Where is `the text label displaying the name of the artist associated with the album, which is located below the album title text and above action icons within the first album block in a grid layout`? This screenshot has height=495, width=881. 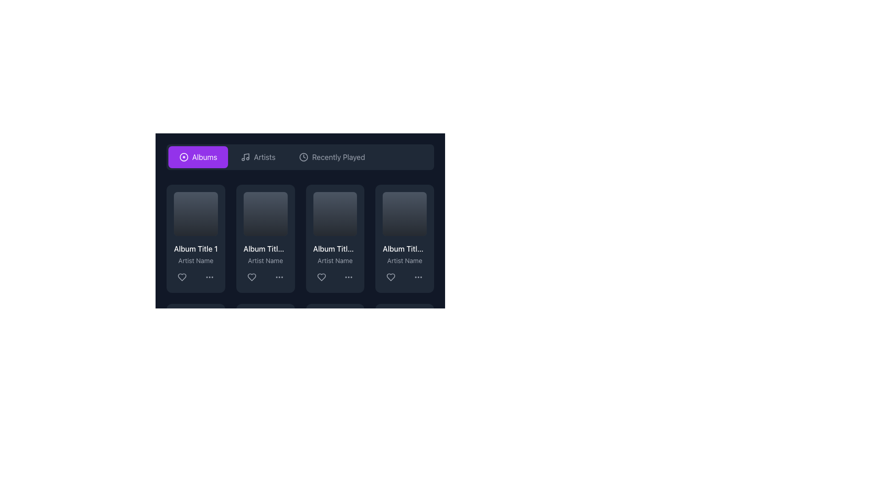 the text label displaying the name of the artist associated with the album, which is located below the album title text and above action icons within the first album block in a grid layout is located at coordinates (195, 260).